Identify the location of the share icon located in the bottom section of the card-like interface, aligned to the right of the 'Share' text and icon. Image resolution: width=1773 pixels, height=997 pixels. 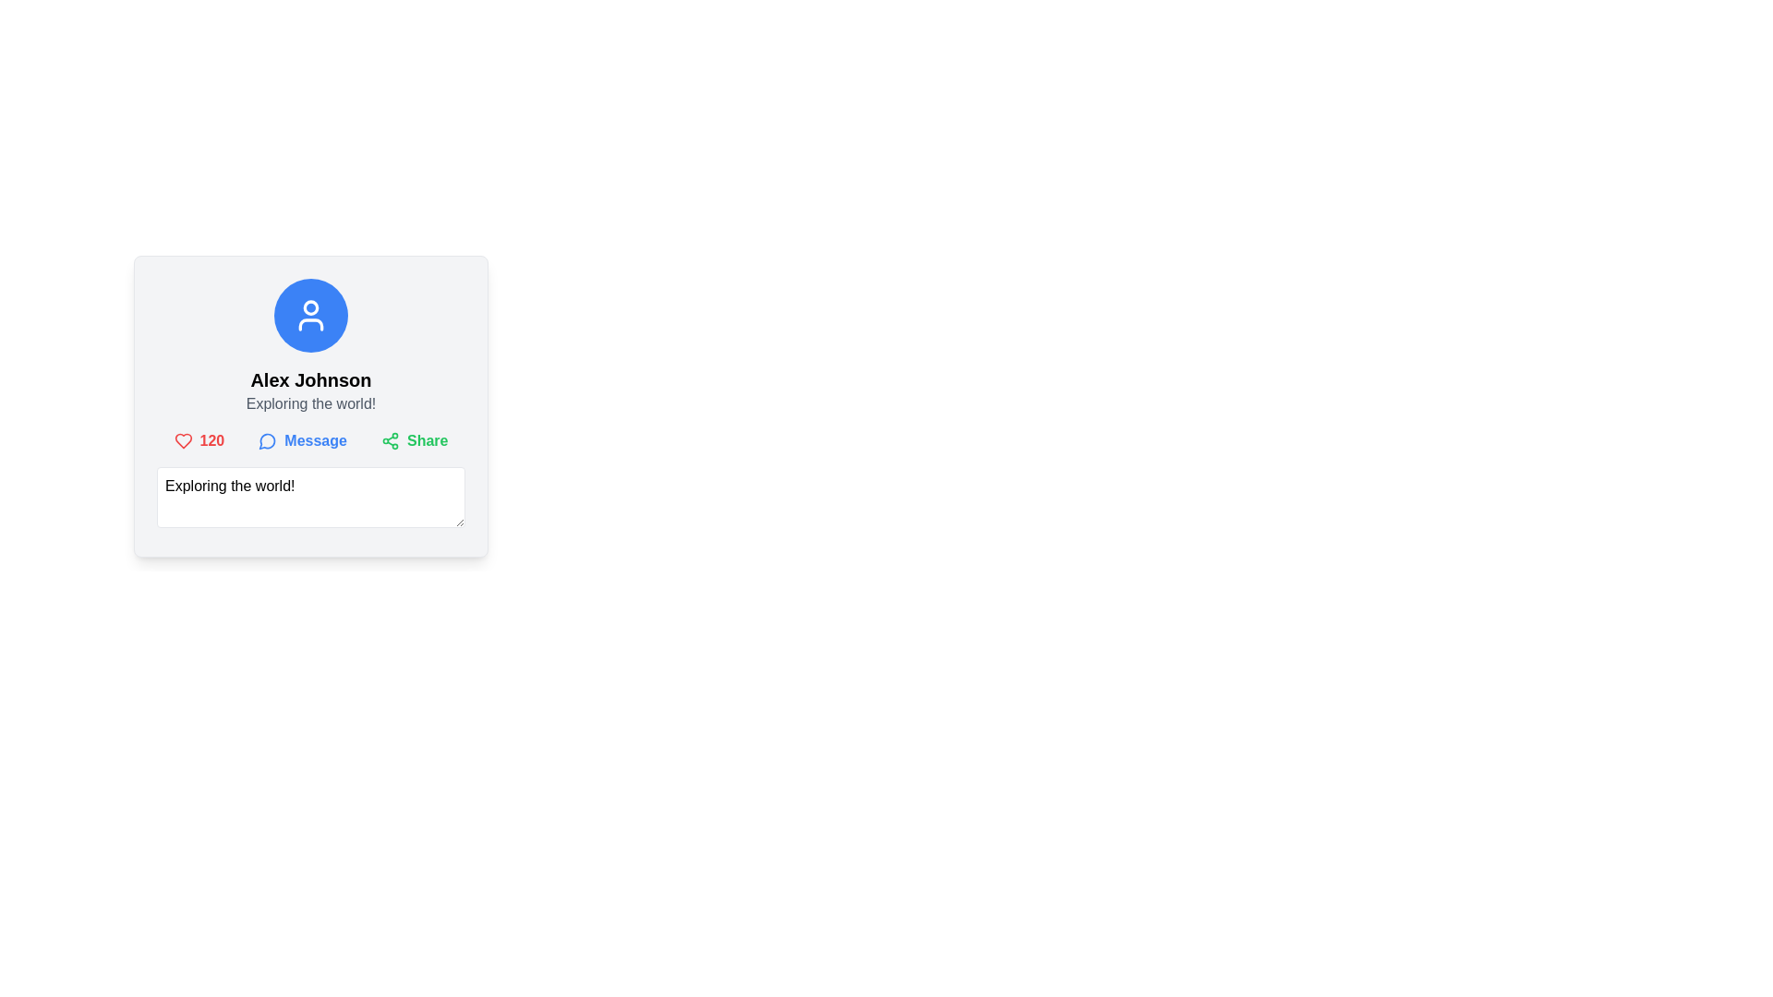
(389, 441).